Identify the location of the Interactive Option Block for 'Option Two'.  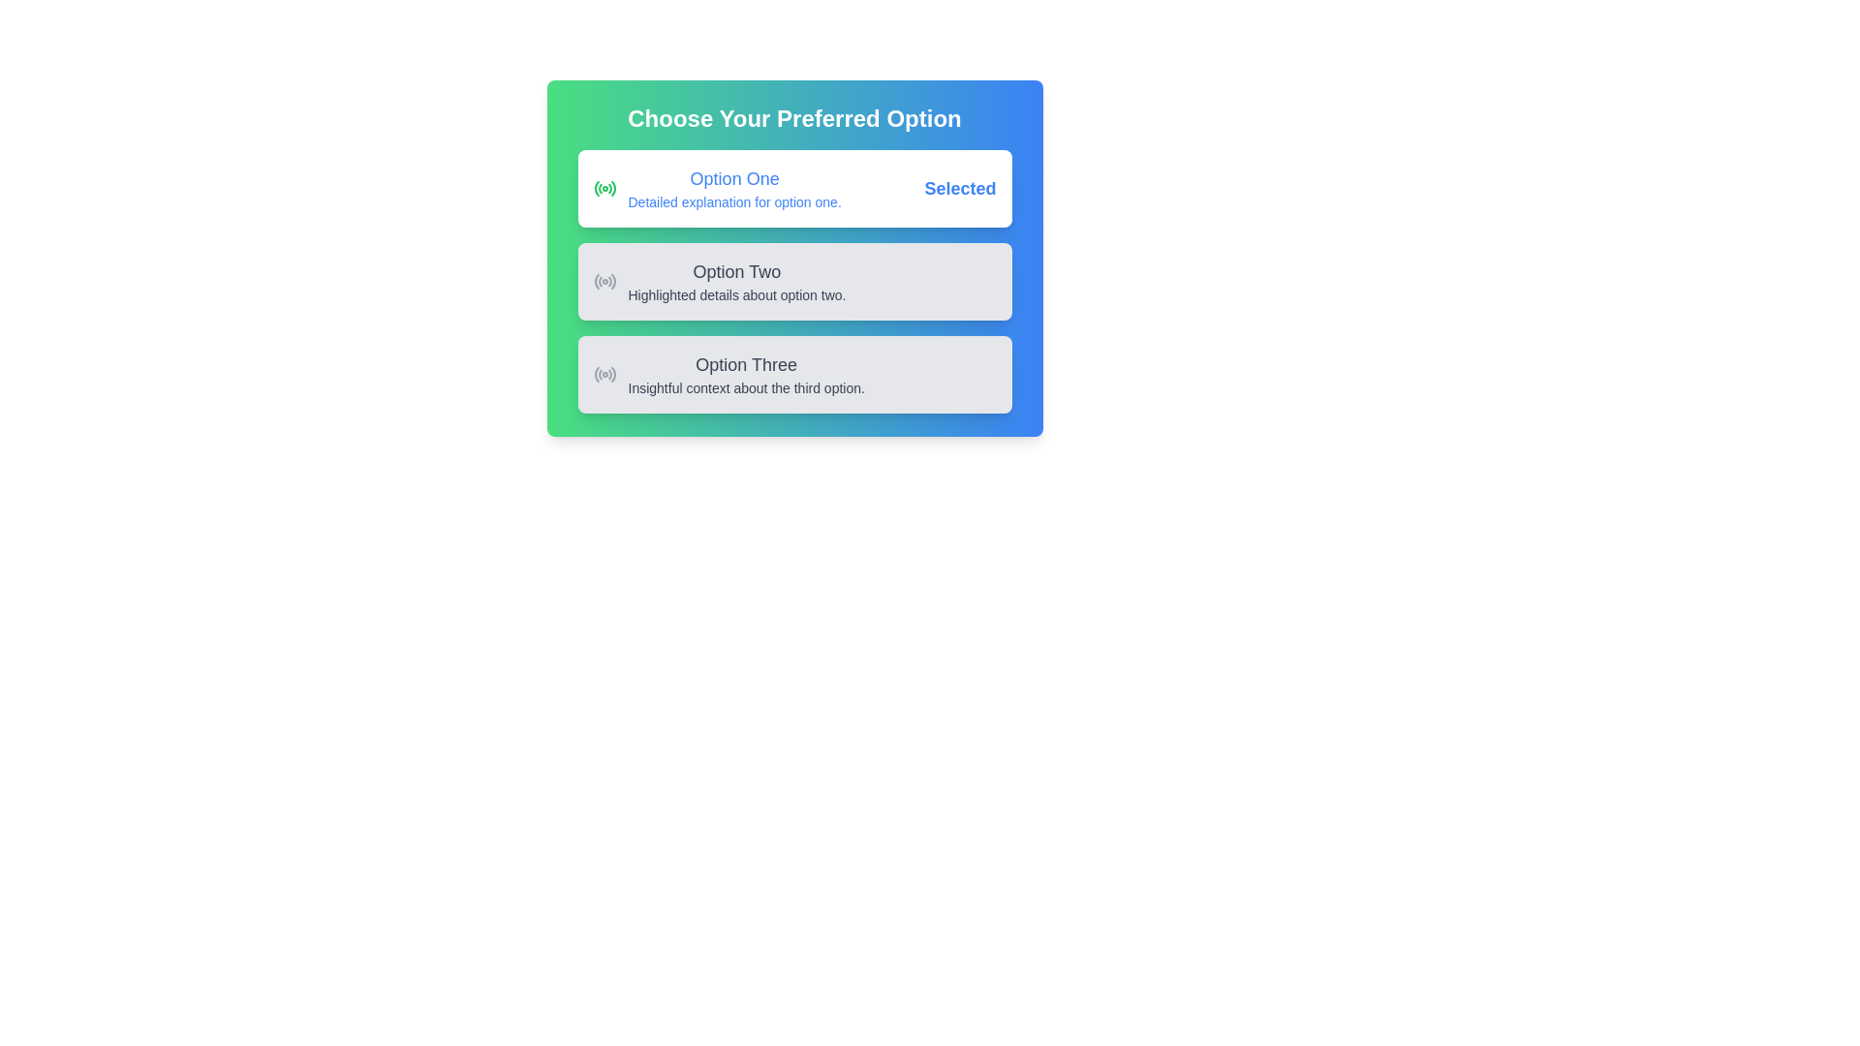
(719, 281).